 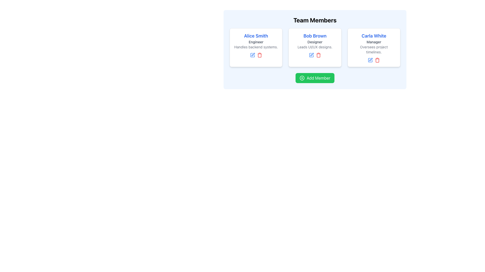 I want to click on the interactive action icons group located at the bottom of the card for 'Carla White', so click(x=374, y=60).